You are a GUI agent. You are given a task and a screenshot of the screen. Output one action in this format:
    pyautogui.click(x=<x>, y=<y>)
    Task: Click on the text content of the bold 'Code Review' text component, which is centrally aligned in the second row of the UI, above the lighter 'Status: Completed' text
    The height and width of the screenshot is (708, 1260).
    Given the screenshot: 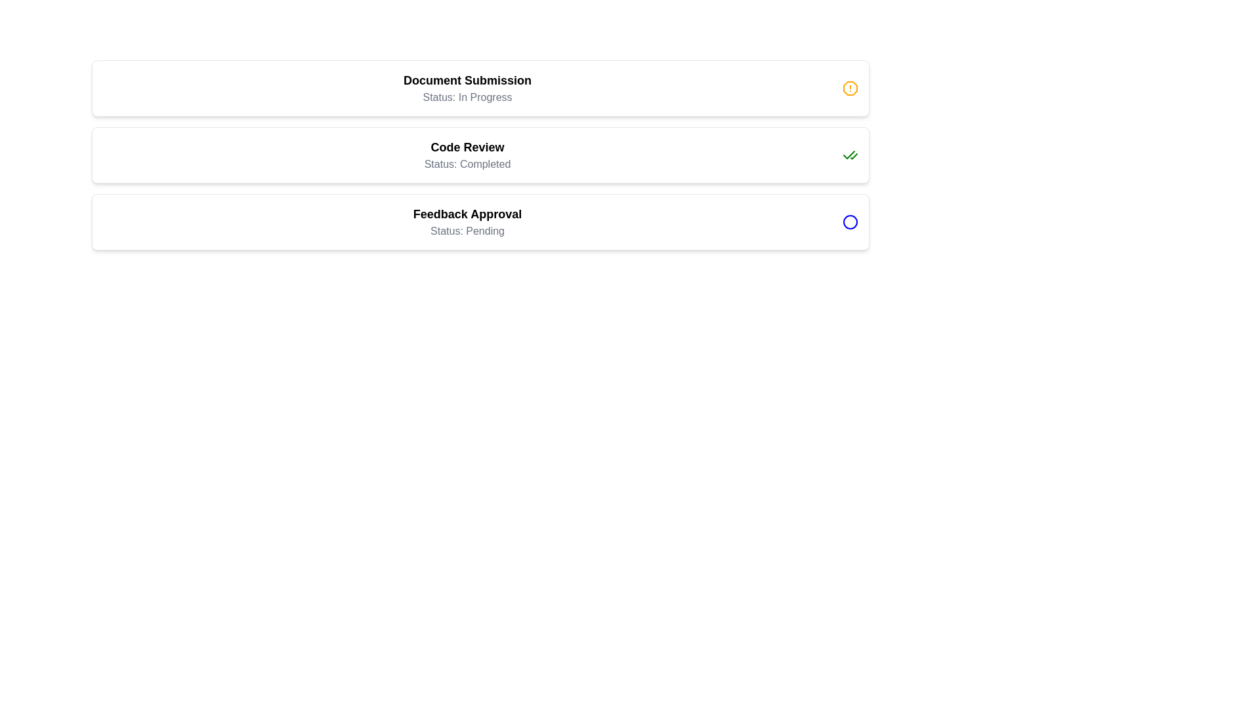 What is the action you would take?
    pyautogui.click(x=467, y=147)
    